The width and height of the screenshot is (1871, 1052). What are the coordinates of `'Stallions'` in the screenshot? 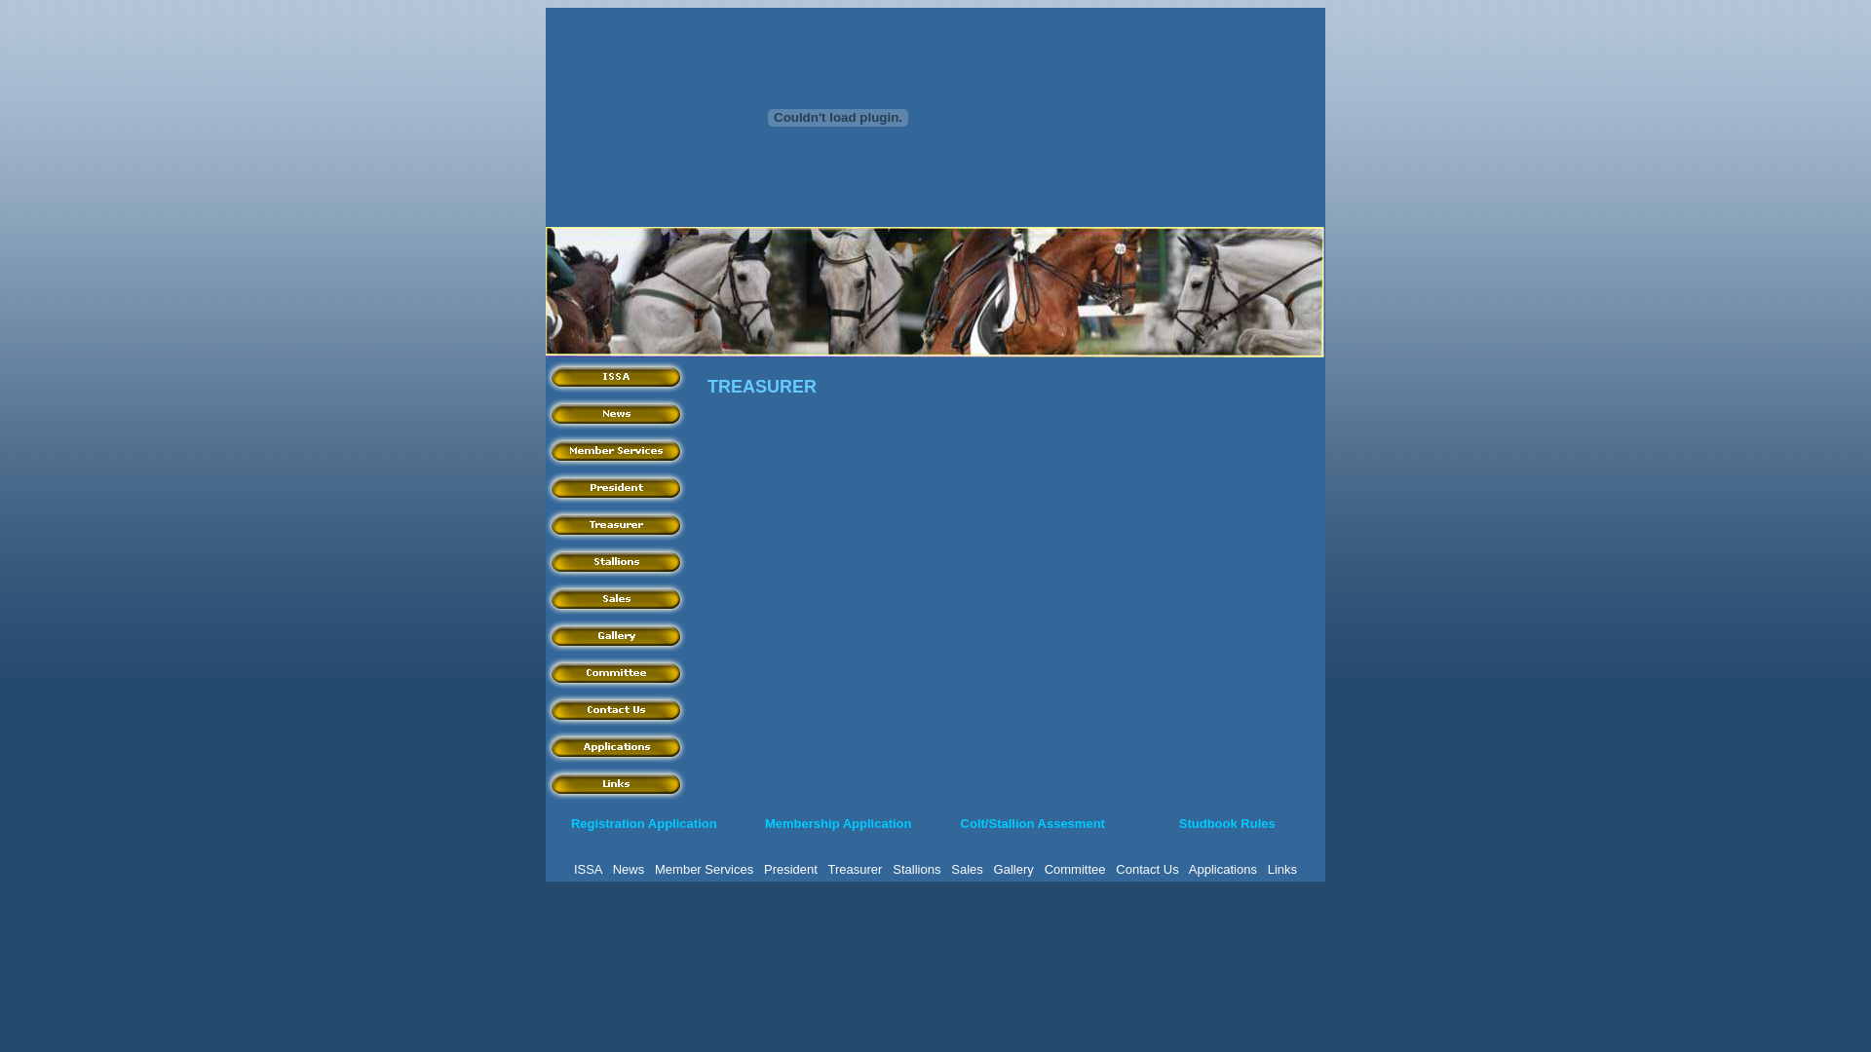 It's located at (616, 560).